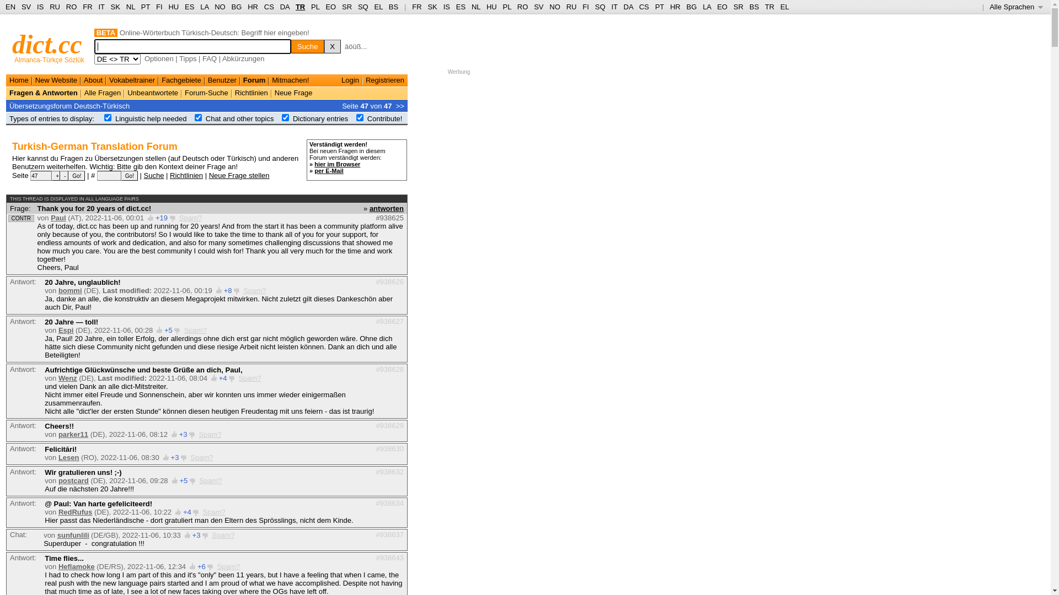 This screenshot has height=595, width=1059. I want to click on 'dict.cc', so click(46, 44).